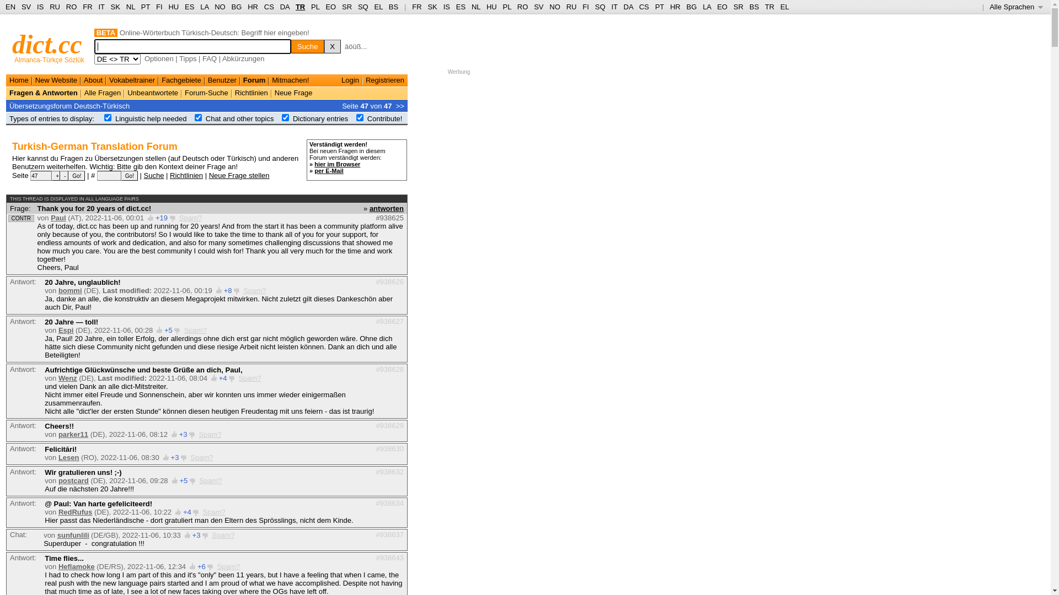 This screenshot has height=595, width=1059. I want to click on 'dict.cc', so click(46, 44).